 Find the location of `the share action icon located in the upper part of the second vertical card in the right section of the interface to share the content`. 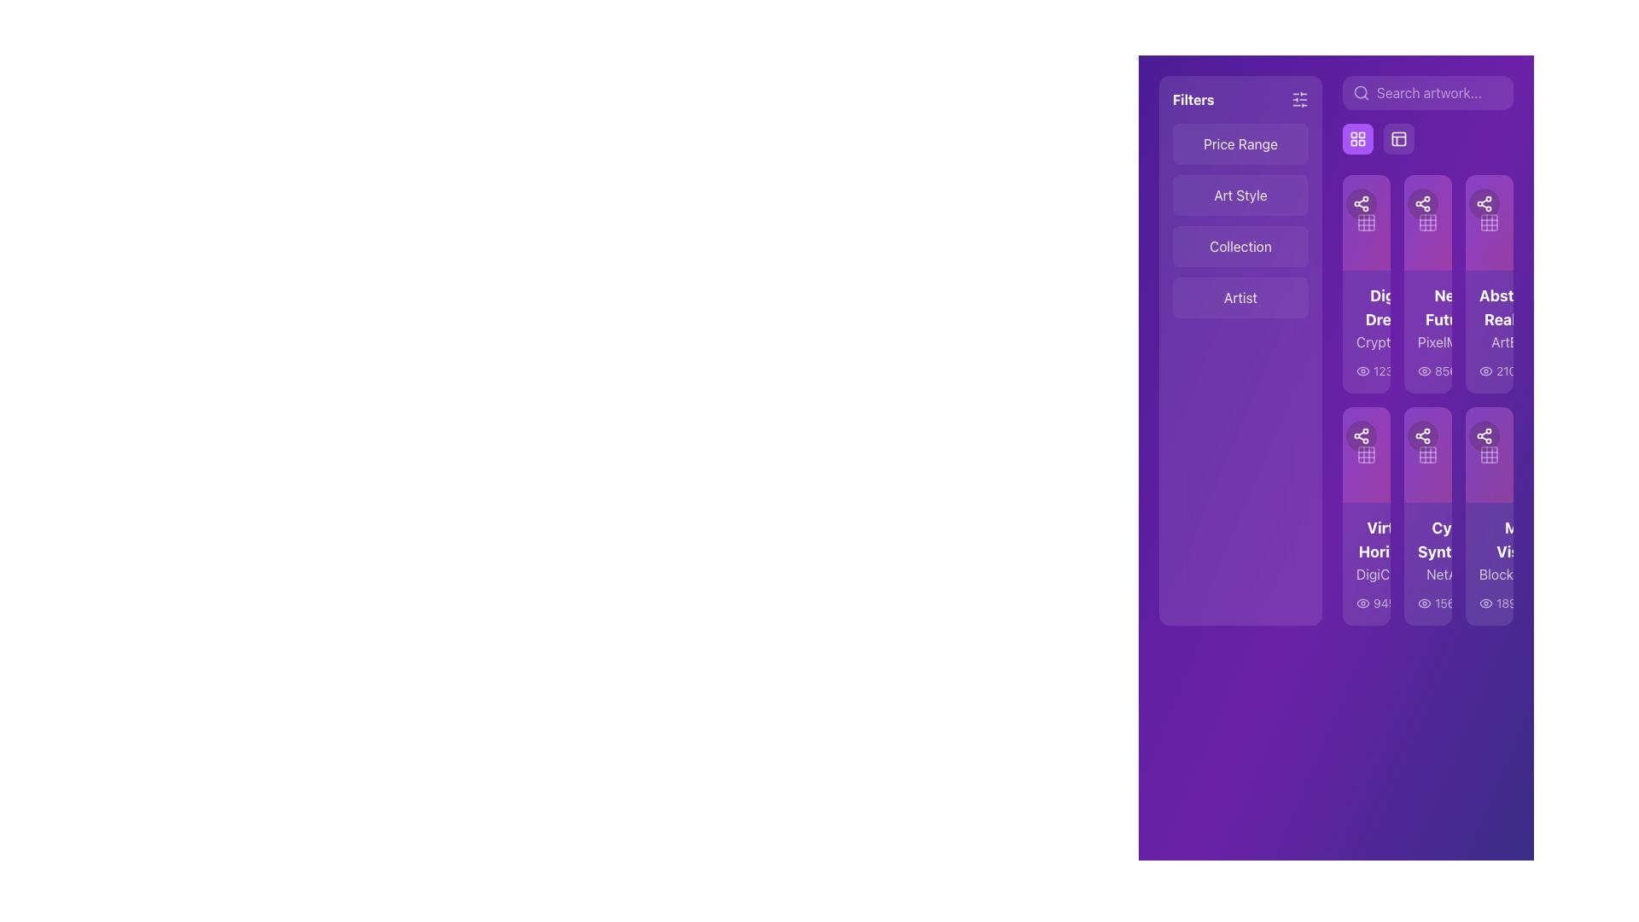

the share action icon located in the upper part of the second vertical card in the right section of the interface to share the content is located at coordinates (1422, 435).